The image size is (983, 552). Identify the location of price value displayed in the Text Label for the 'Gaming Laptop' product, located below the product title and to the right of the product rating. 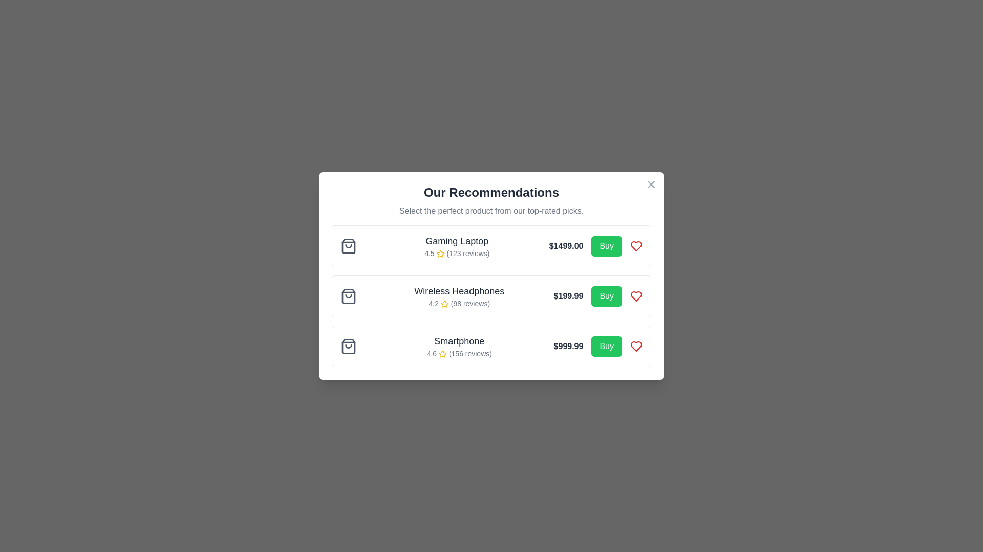
(566, 246).